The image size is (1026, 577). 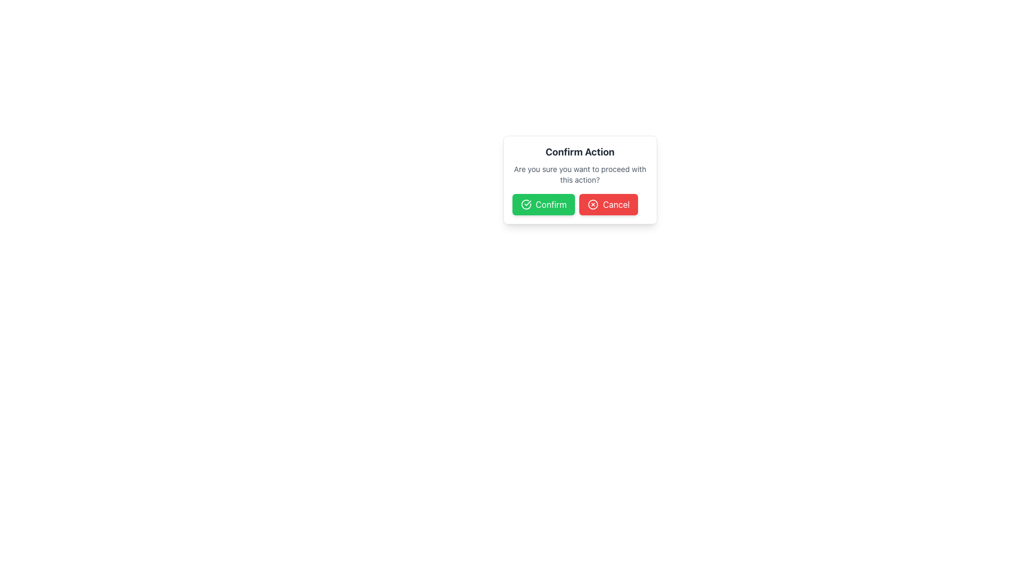 I want to click on the confirmation button located centrally in the modal, positioned to the left of the 'Cancel' button, so click(x=543, y=204).